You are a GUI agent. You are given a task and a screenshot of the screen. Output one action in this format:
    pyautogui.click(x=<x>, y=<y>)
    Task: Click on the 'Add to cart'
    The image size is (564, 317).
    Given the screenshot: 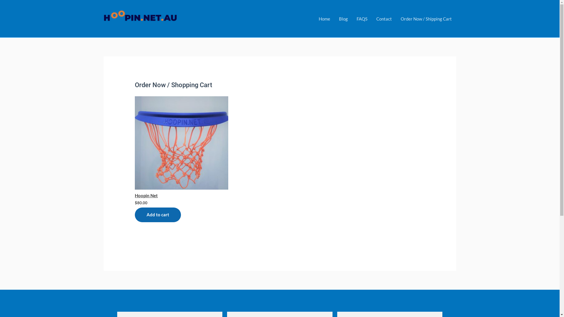 What is the action you would take?
    pyautogui.click(x=158, y=215)
    